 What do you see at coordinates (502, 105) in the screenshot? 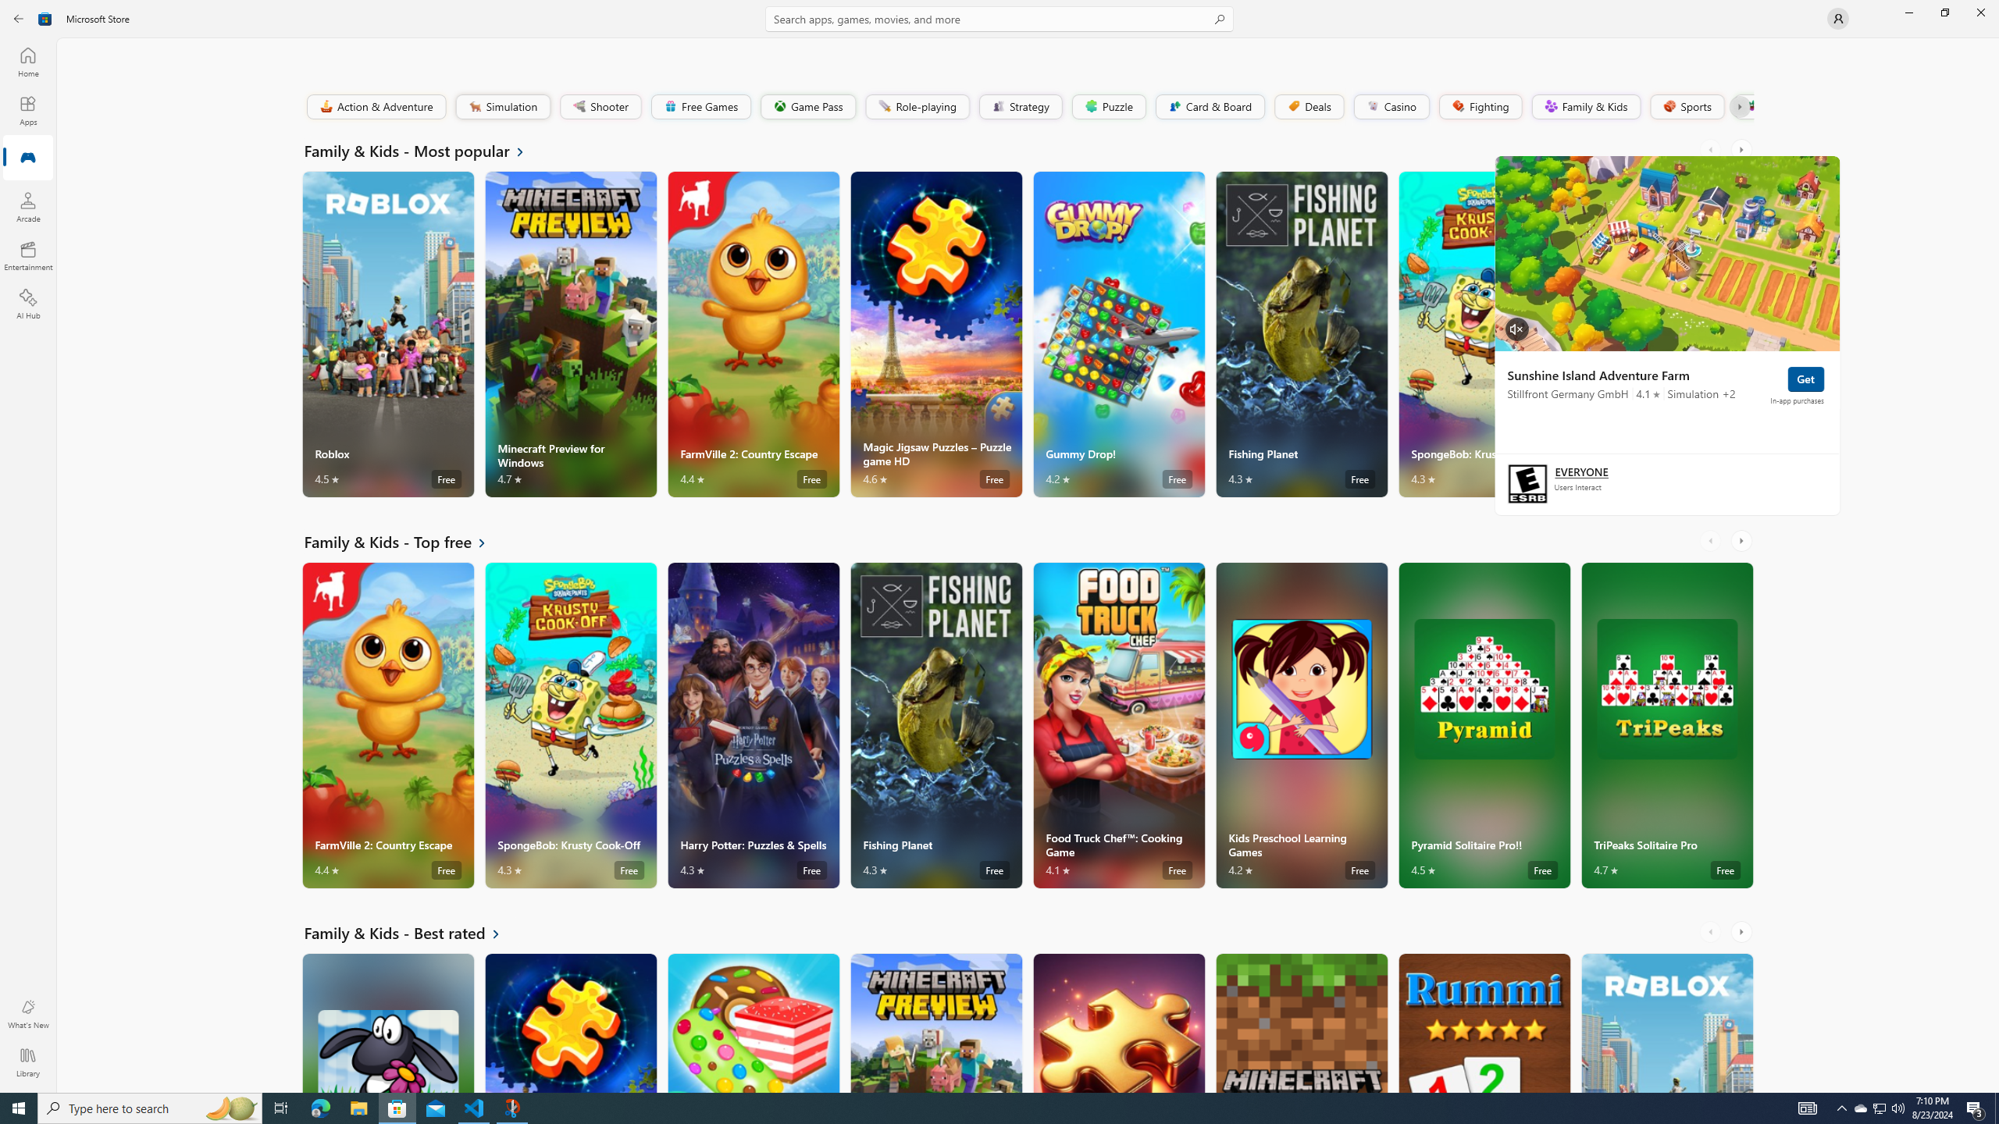
I see `'Simulation'` at bounding box center [502, 105].